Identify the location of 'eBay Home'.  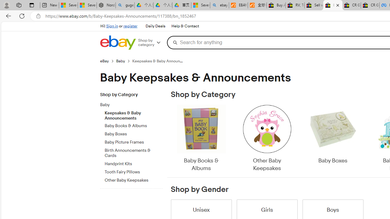
(118, 42).